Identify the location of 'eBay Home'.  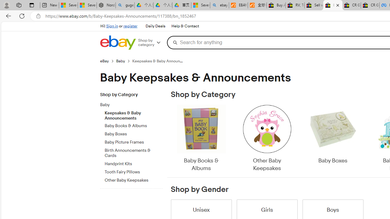
(118, 42).